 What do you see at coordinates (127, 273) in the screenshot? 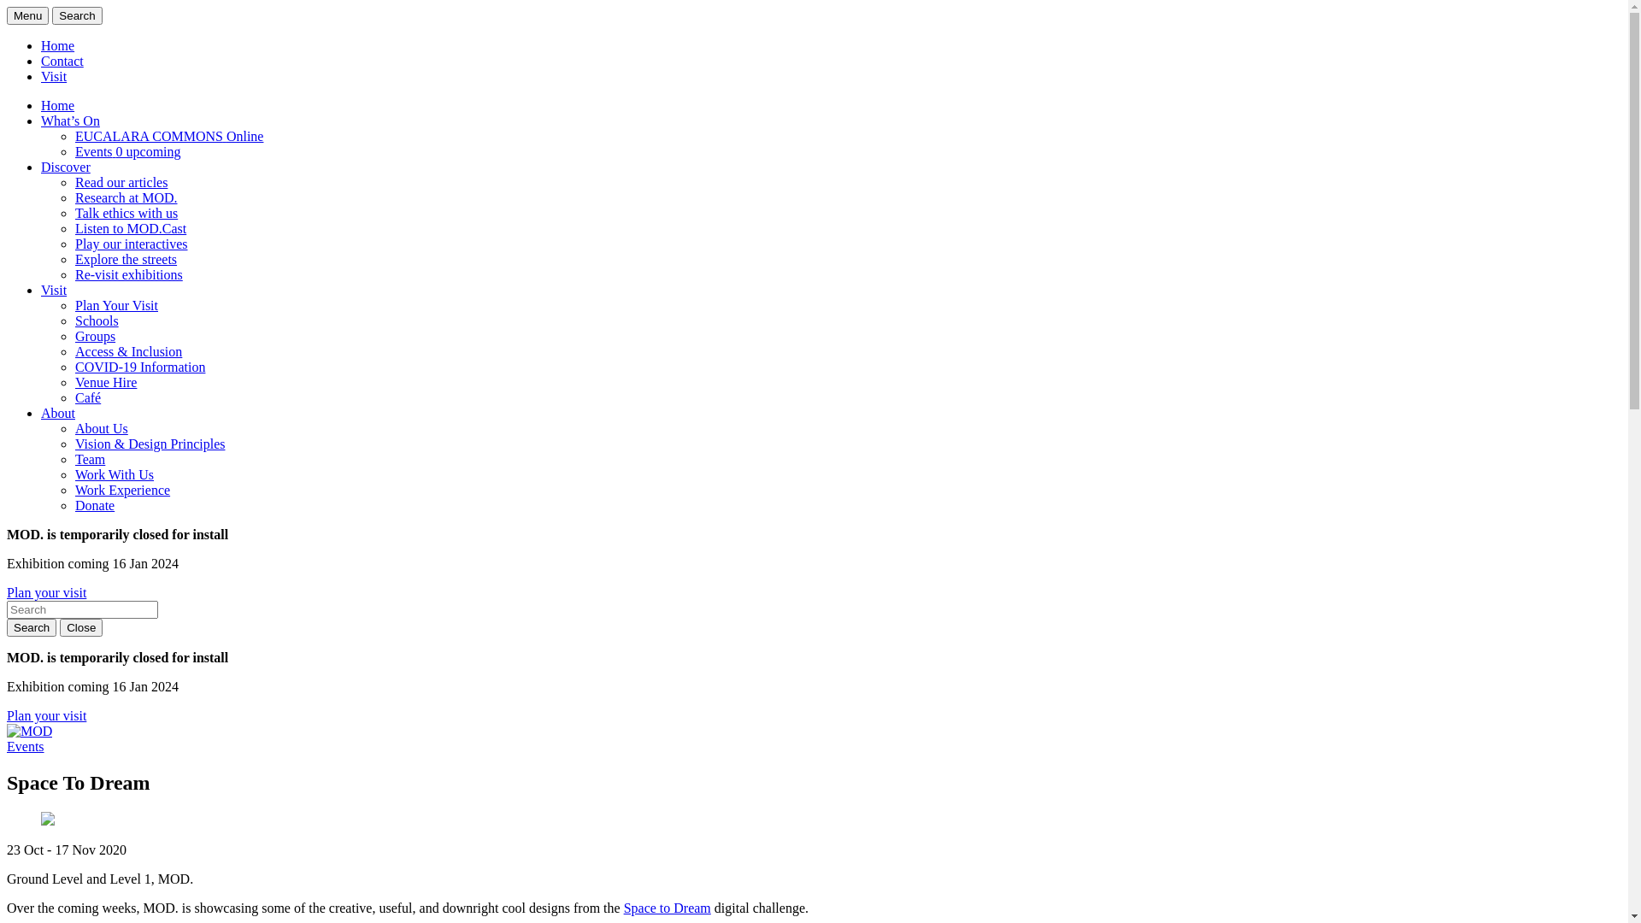
I see `'Re-visit exhibitions'` at bounding box center [127, 273].